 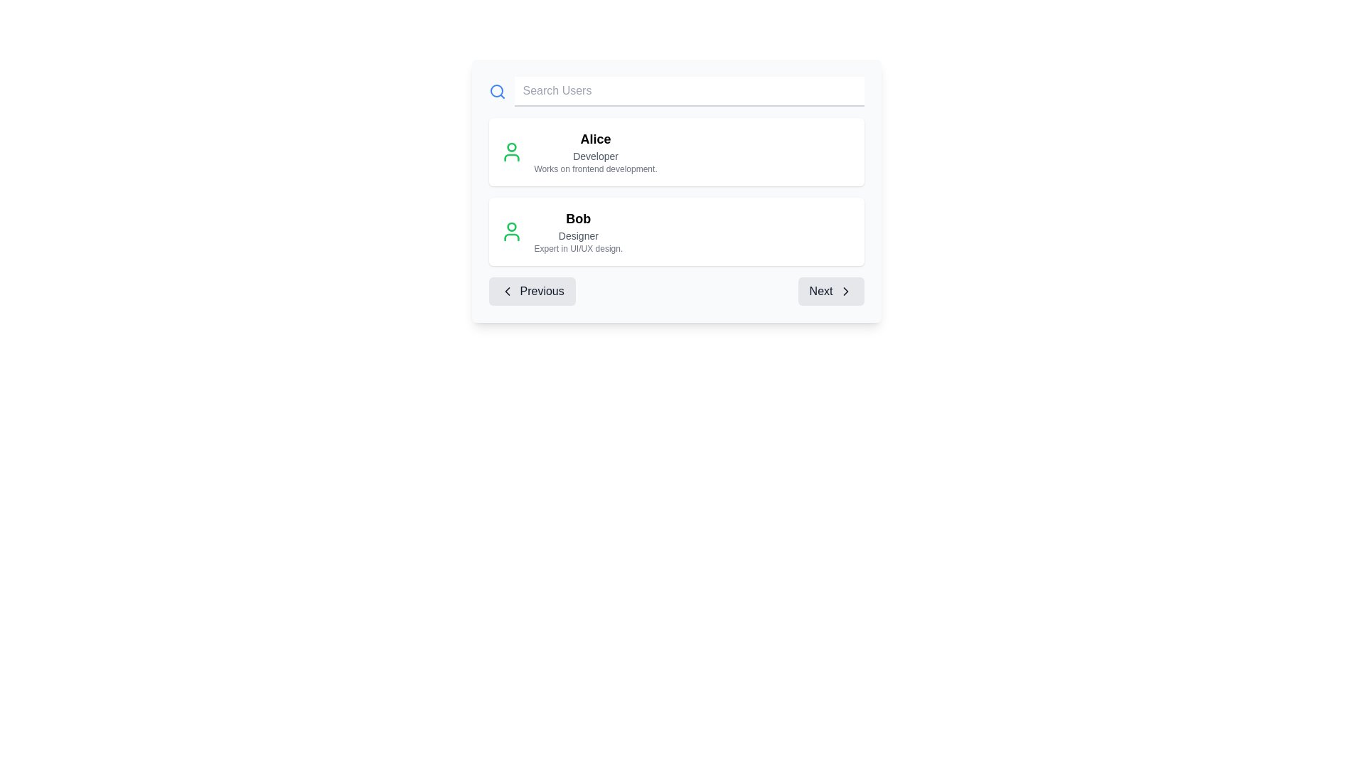 I want to click on the chevron icon located within the 'Next' button on the right side of the interface, so click(x=845, y=290).